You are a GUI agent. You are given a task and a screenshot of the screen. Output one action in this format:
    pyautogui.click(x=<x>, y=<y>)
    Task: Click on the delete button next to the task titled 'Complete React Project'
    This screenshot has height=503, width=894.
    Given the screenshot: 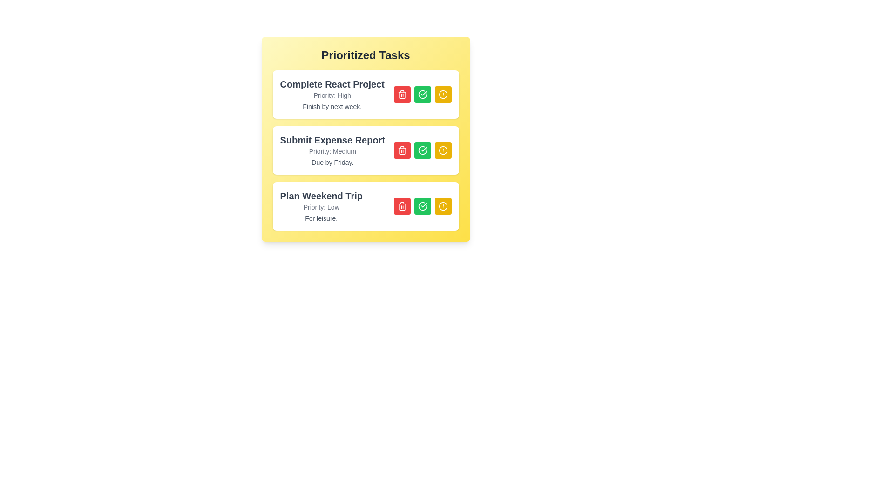 What is the action you would take?
    pyautogui.click(x=402, y=95)
    